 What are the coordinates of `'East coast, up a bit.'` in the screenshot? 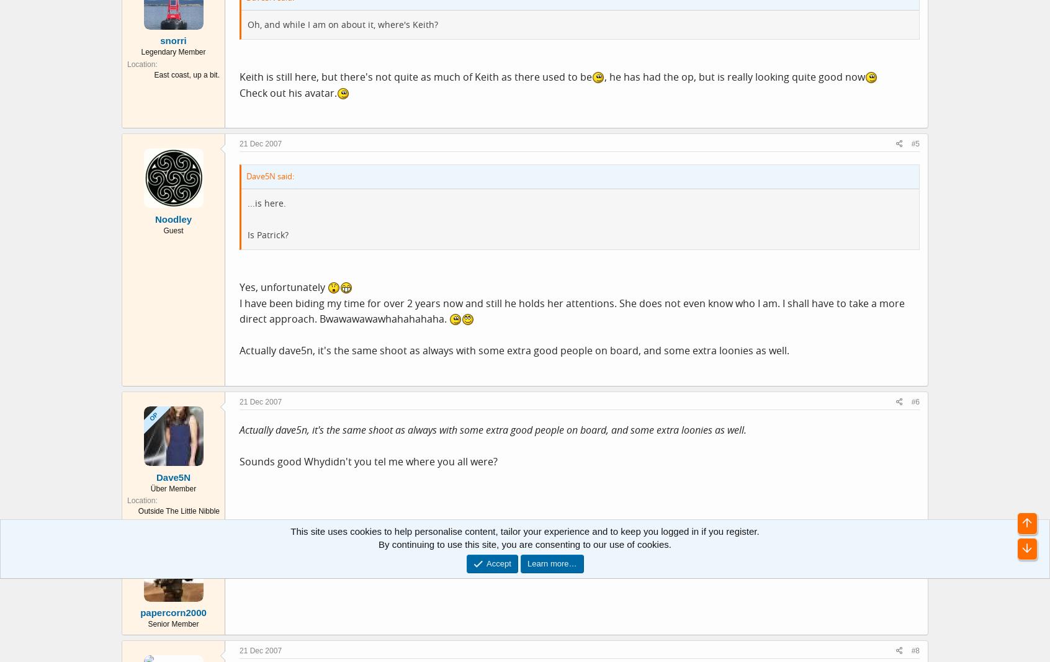 It's located at (186, 74).